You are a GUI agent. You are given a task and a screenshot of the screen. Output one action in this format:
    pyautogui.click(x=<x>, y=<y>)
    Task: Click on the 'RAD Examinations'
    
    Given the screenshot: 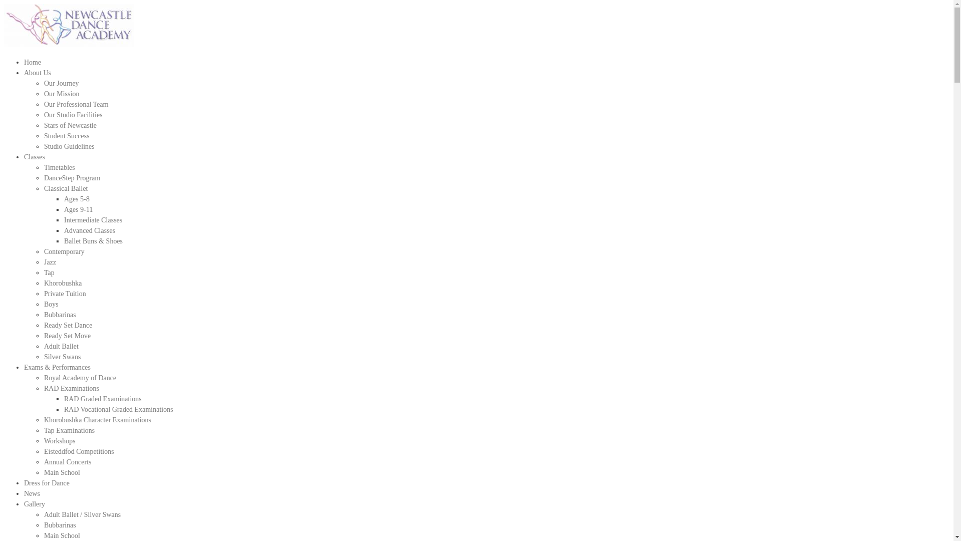 What is the action you would take?
    pyautogui.click(x=71, y=388)
    